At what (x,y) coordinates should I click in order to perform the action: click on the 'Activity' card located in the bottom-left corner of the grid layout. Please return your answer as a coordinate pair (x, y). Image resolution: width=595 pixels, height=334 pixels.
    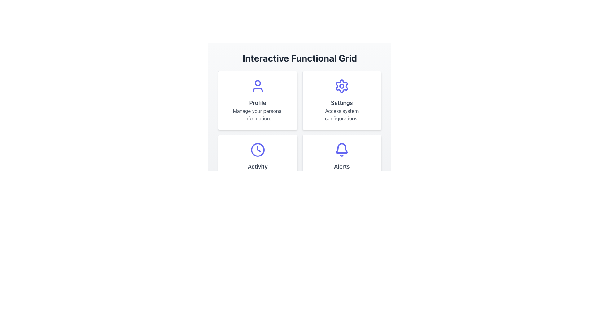
    Looking at the image, I should click on (258, 160).